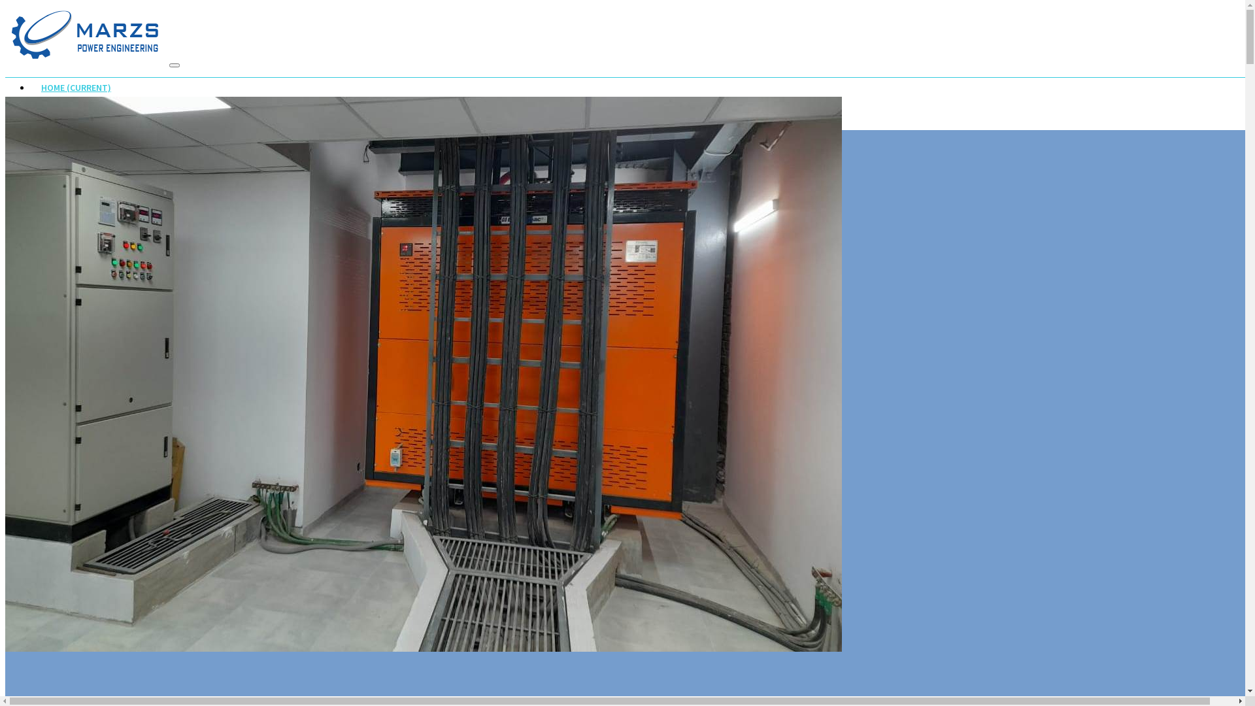 This screenshot has height=706, width=1255. What do you see at coordinates (61, 100) in the screenshot?
I see `'ABOUT US'` at bounding box center [61, 100].